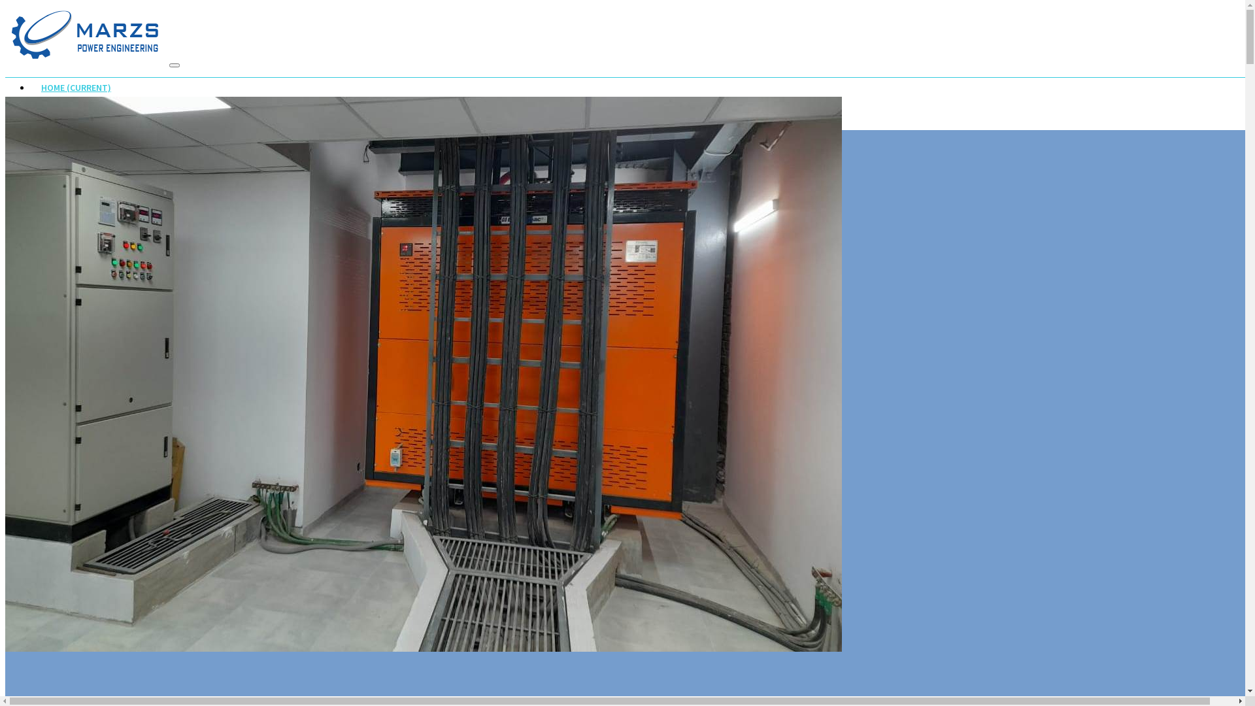 This screenshot has height=706, width=1255. What do you see at coordinates (61, 100) in the screenshot?
I see `'ABOUT US'` at bounding box center [61, 100].